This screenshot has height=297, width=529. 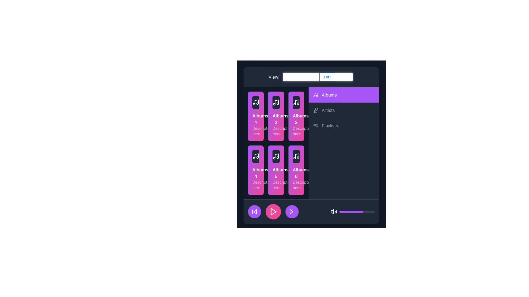 I want to click on the second button in a row of three buttons at the bottom of the interface to play media, so click(x=273, y=211).